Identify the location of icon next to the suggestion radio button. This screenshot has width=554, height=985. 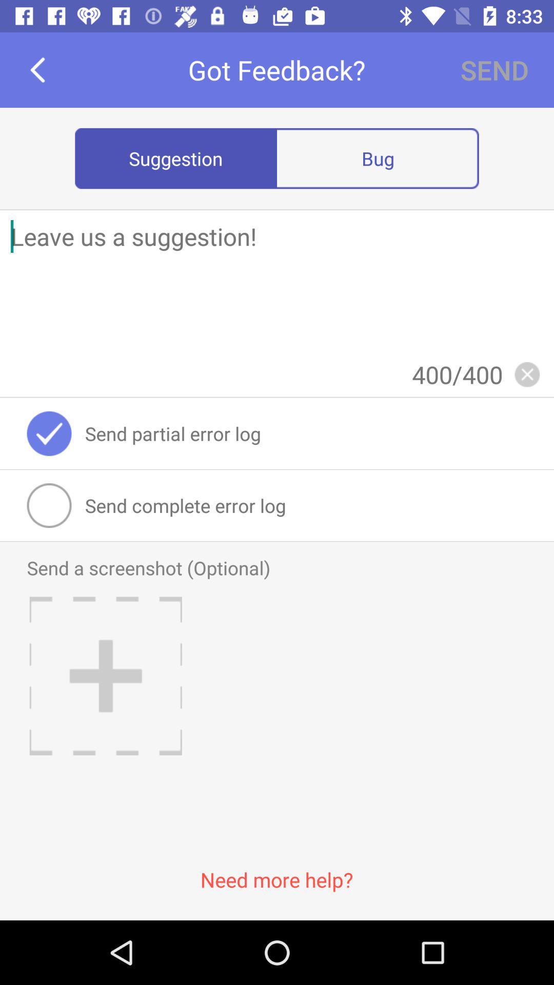
(378, 157).